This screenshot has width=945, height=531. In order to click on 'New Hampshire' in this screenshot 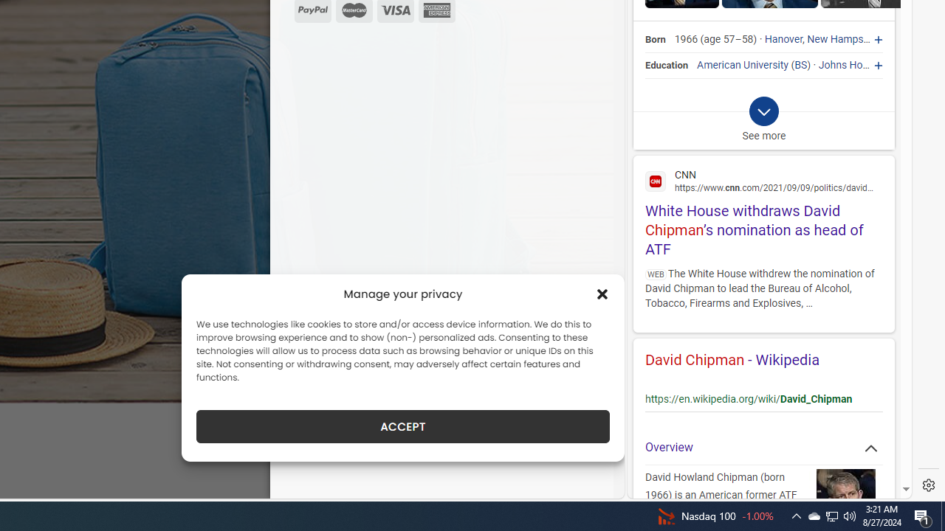, I will do `click(844, 39)`.